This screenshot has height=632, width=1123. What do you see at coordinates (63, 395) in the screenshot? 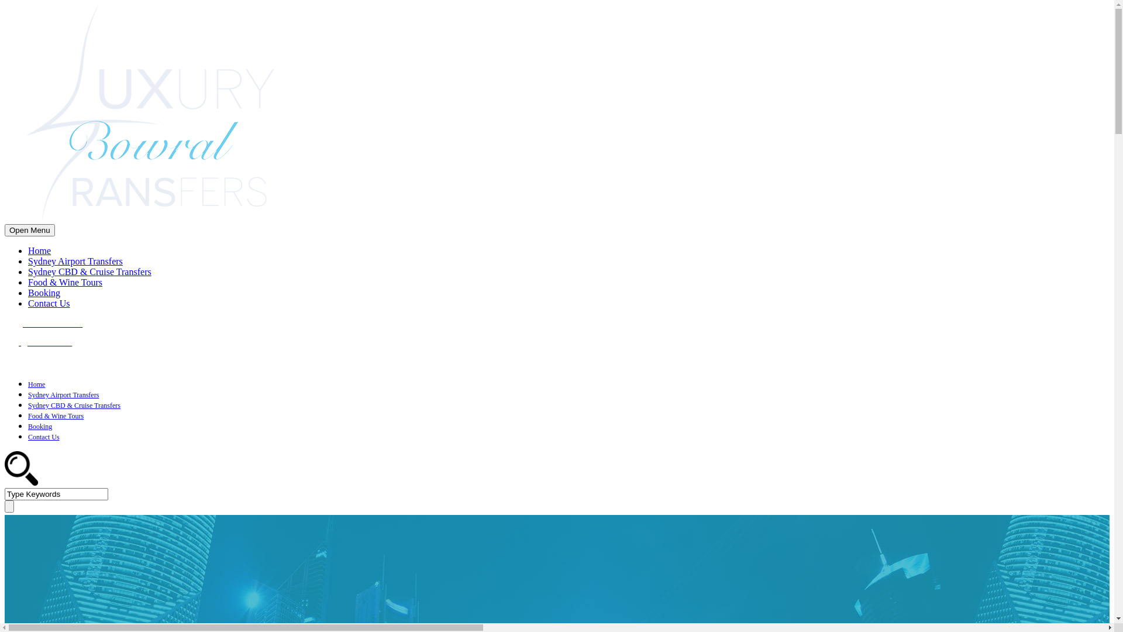
I see `'Sydney Airport Transfers'` at bounding box center [63, 395].